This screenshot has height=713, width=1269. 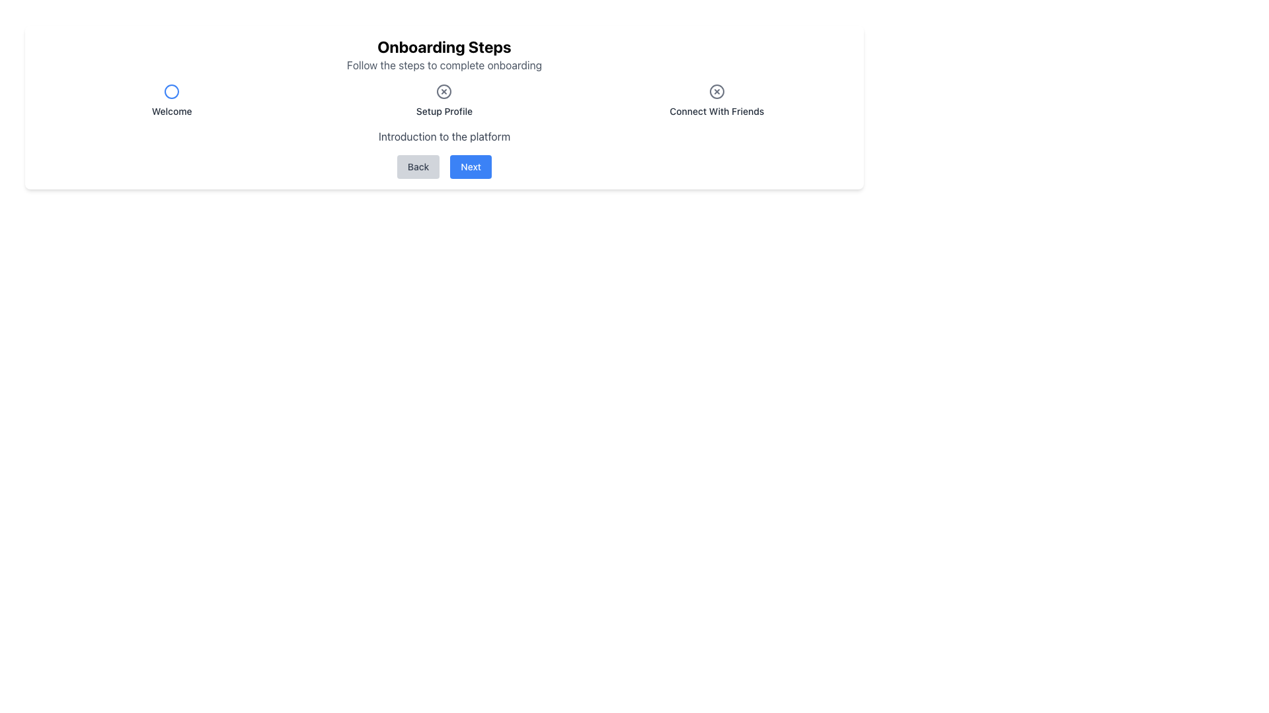 I want to click on SVG Graphic Icon indicating the current status of the step in the 'Connect With Friends' onboarding process, located above the step title text, so click(x=716, y=90).